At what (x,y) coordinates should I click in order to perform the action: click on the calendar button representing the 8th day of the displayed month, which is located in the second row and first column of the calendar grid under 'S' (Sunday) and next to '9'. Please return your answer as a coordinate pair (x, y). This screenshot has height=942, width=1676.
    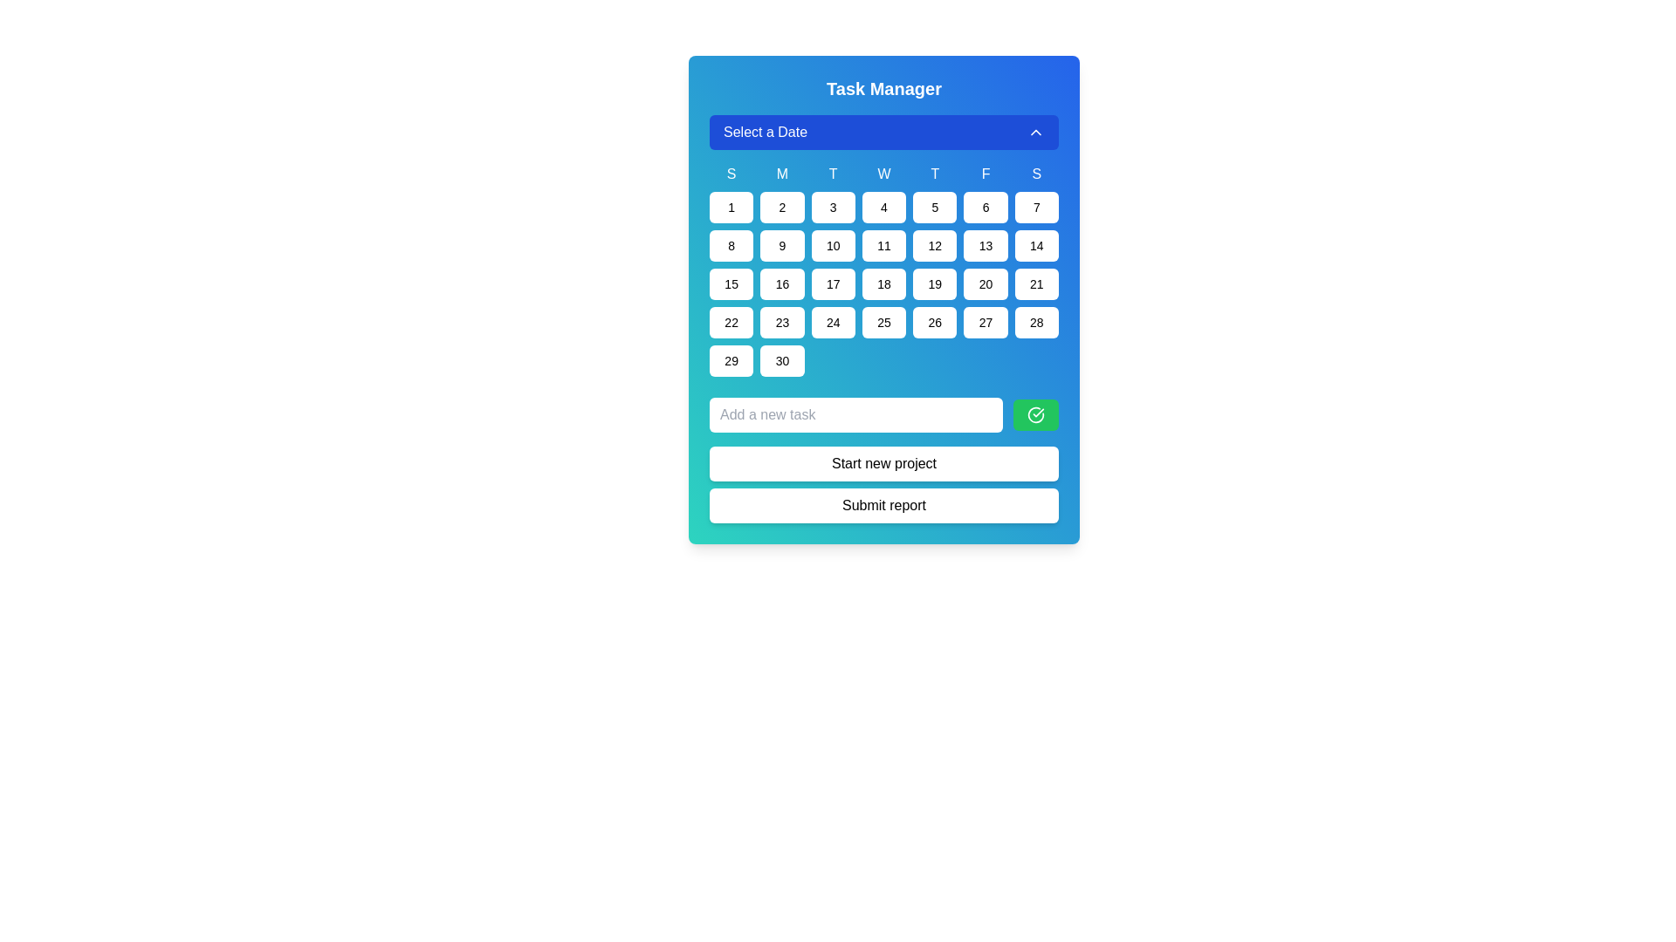
    Looking at the image, I should click on (732, 245).